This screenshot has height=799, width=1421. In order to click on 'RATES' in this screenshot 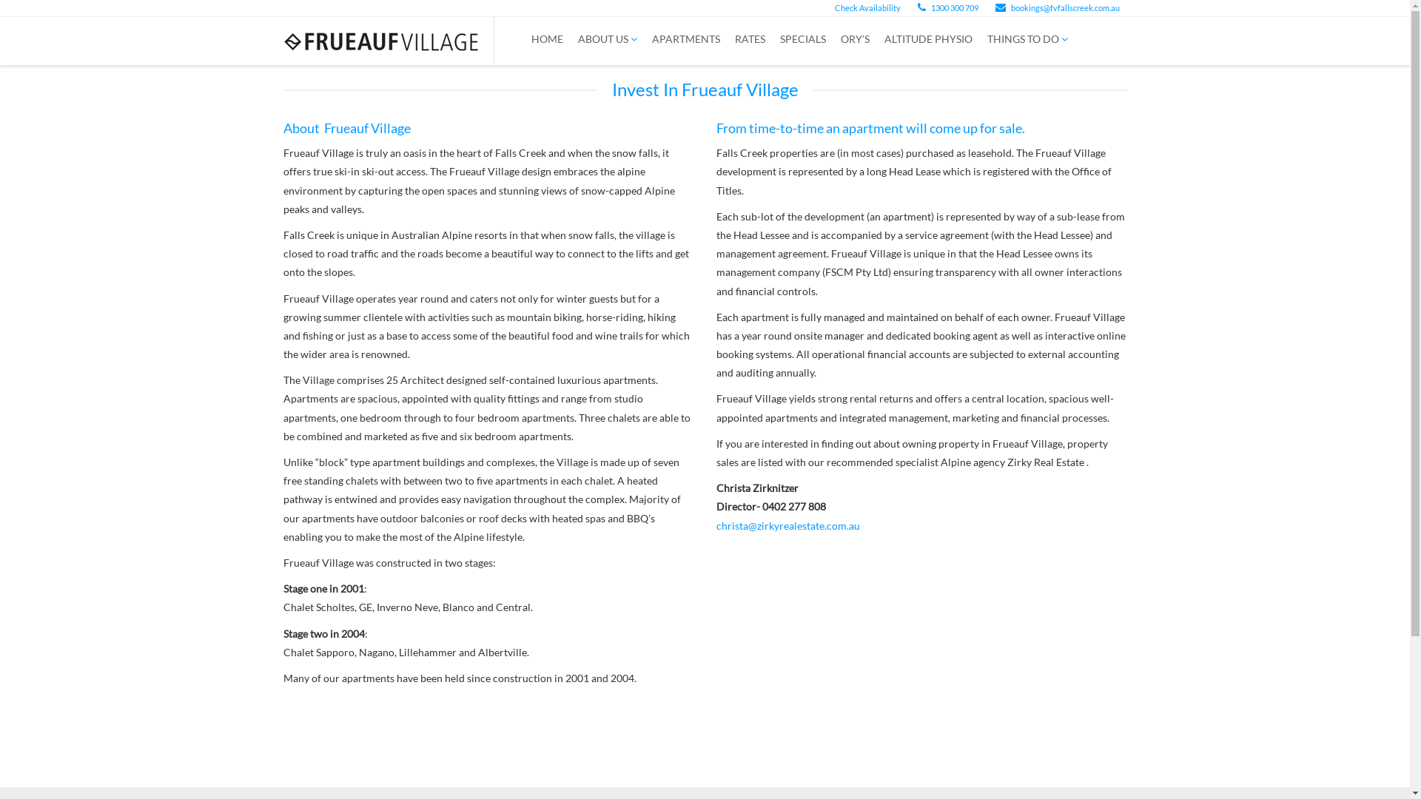, I will do `click(749, 38)`.